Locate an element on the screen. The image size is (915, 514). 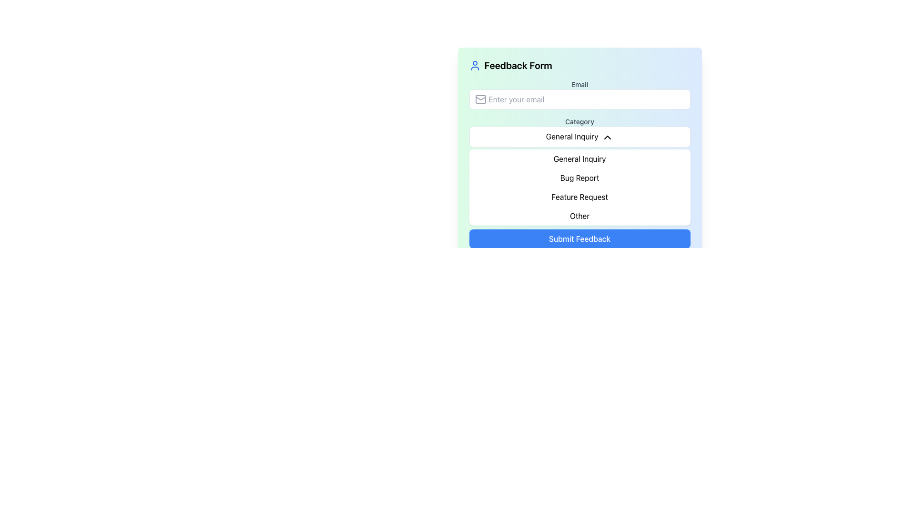
the 'Category' text label located above the dropdown menu, which serves to inform users about the selection options below is located at coordinates (579, 121).